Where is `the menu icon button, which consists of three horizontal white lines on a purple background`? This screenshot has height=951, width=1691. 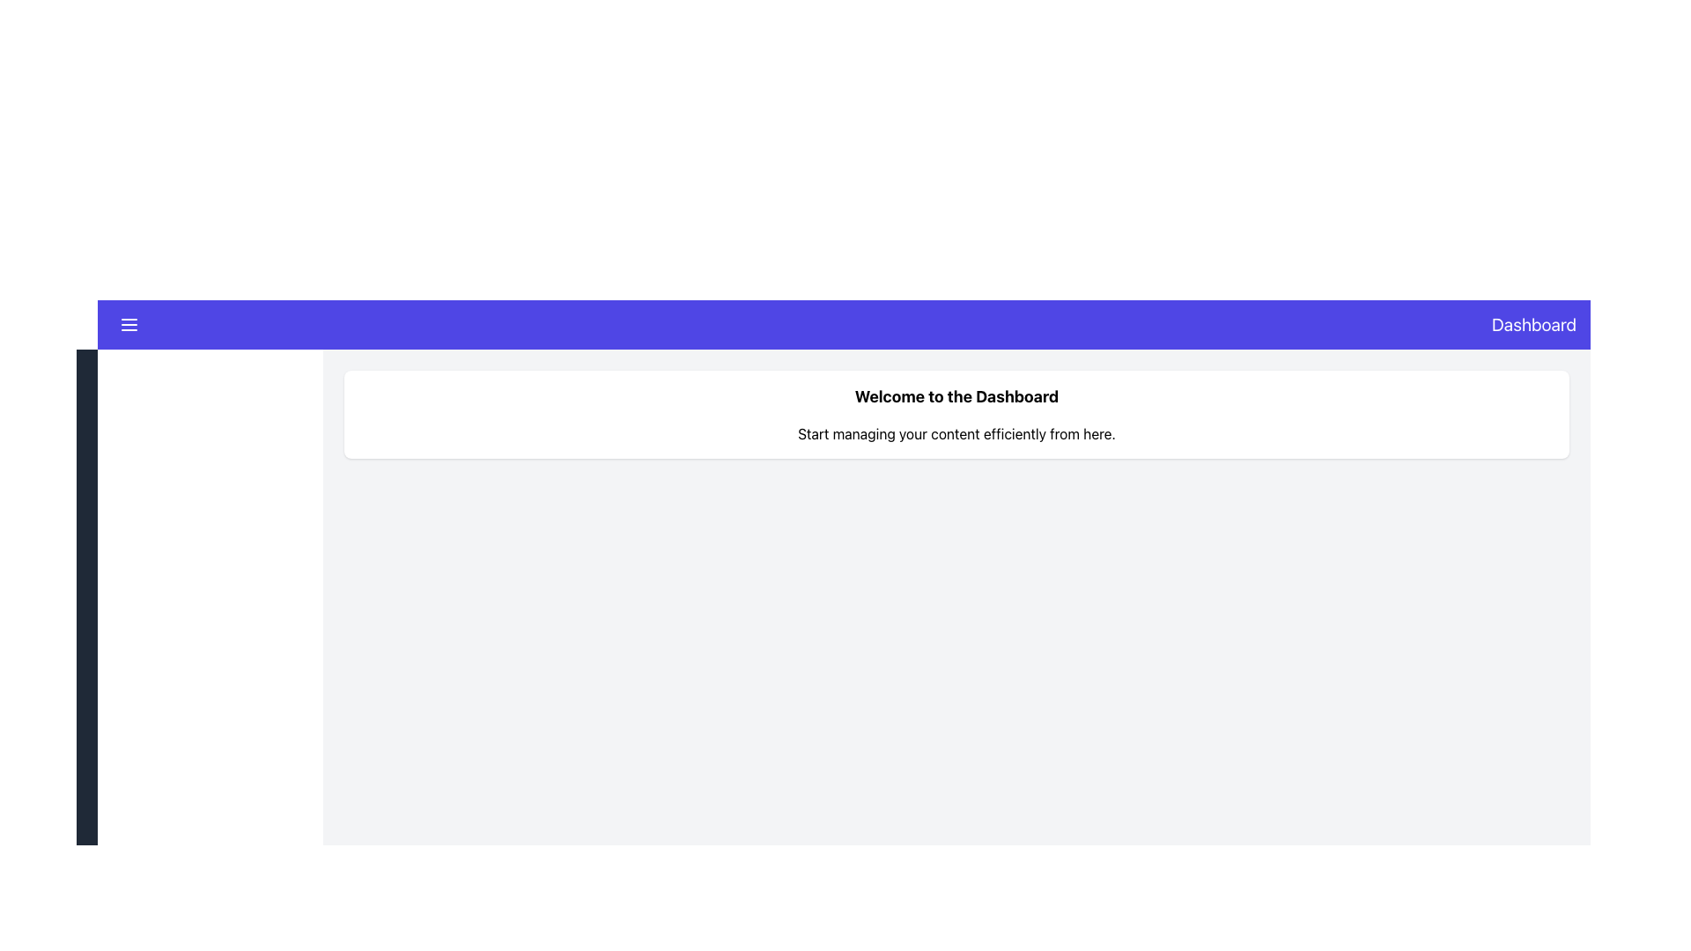
the menu icon button, which consists of three horizontal white lines on a purple background is located at coordinates (129, 325).